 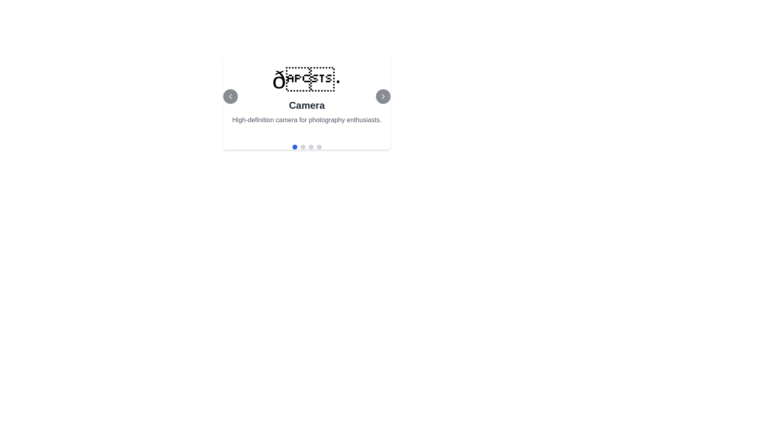 What do you see at coordinates (306, 96) in the screenshot?
I see `information provided in the centrally located Information Display Box about the high-definition camera` at bounding box center [306, 96].